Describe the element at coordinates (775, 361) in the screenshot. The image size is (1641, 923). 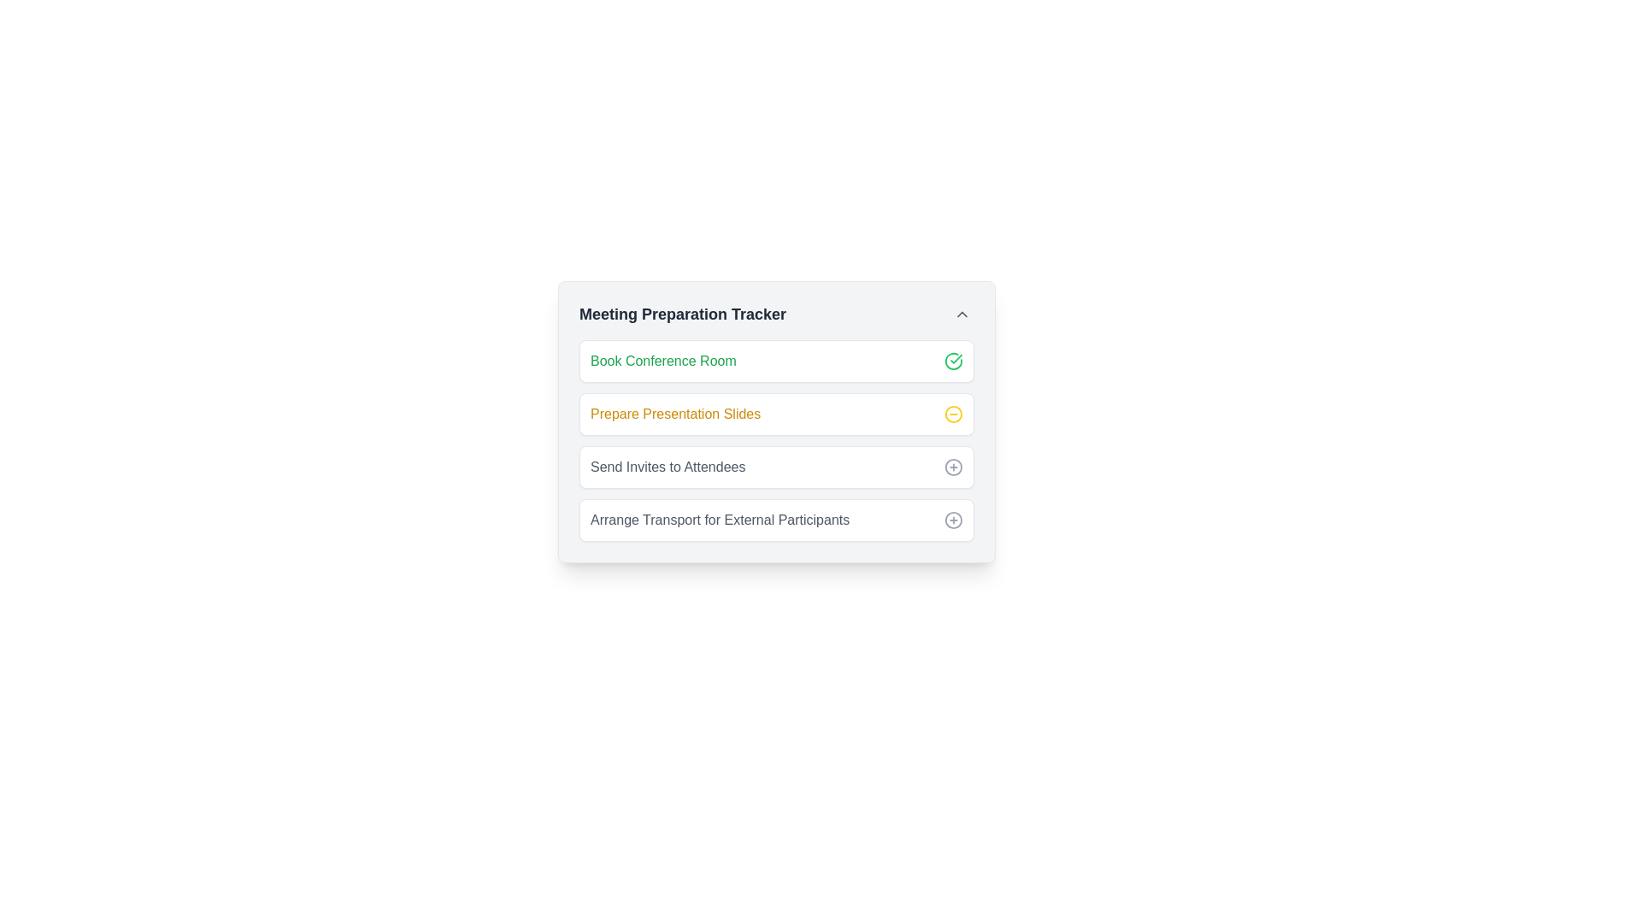
I see `the task item titled 'Book Conference Room' in the checklist interface` at that location.